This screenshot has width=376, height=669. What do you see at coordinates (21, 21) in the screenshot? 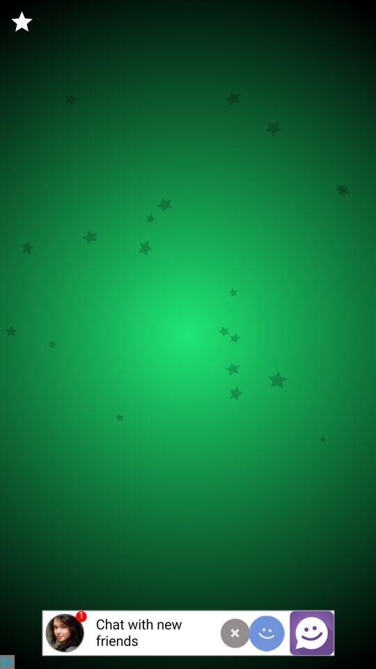
I see `the star icon` at bounding box center [21, 21].